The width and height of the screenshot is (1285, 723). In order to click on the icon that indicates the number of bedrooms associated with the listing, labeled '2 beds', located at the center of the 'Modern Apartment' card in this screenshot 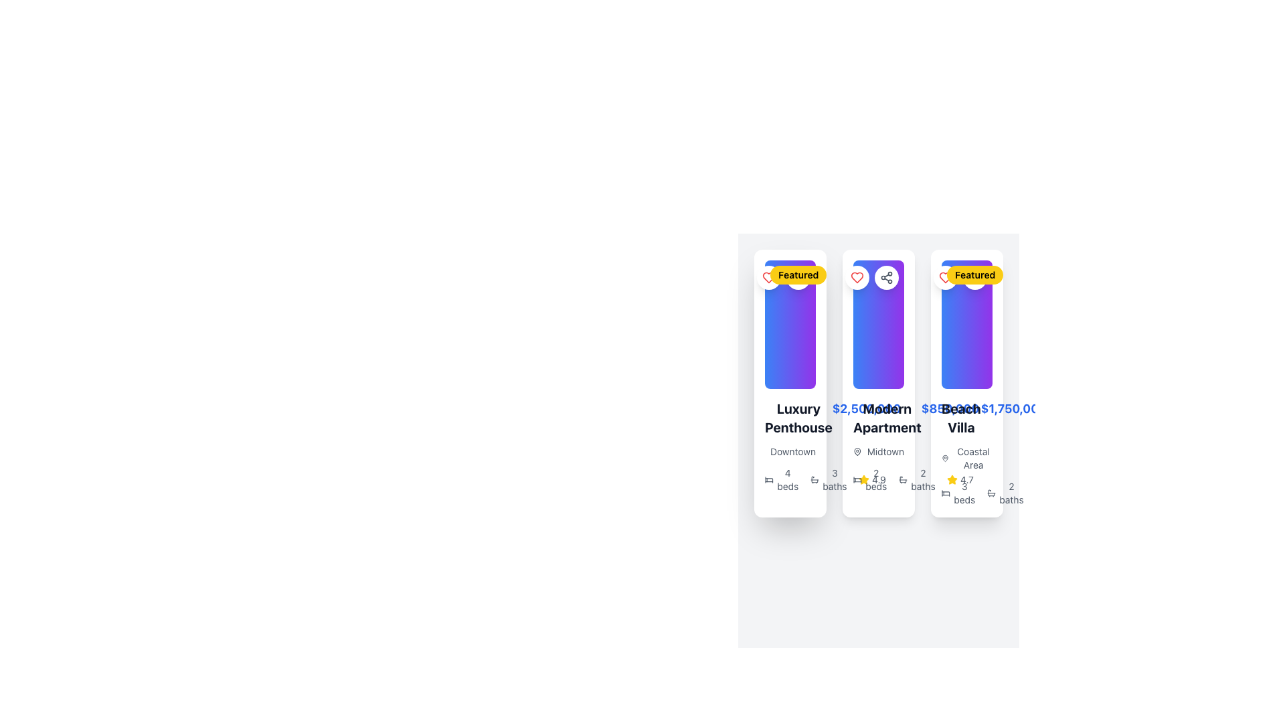, I will do `click(857, 479)`.